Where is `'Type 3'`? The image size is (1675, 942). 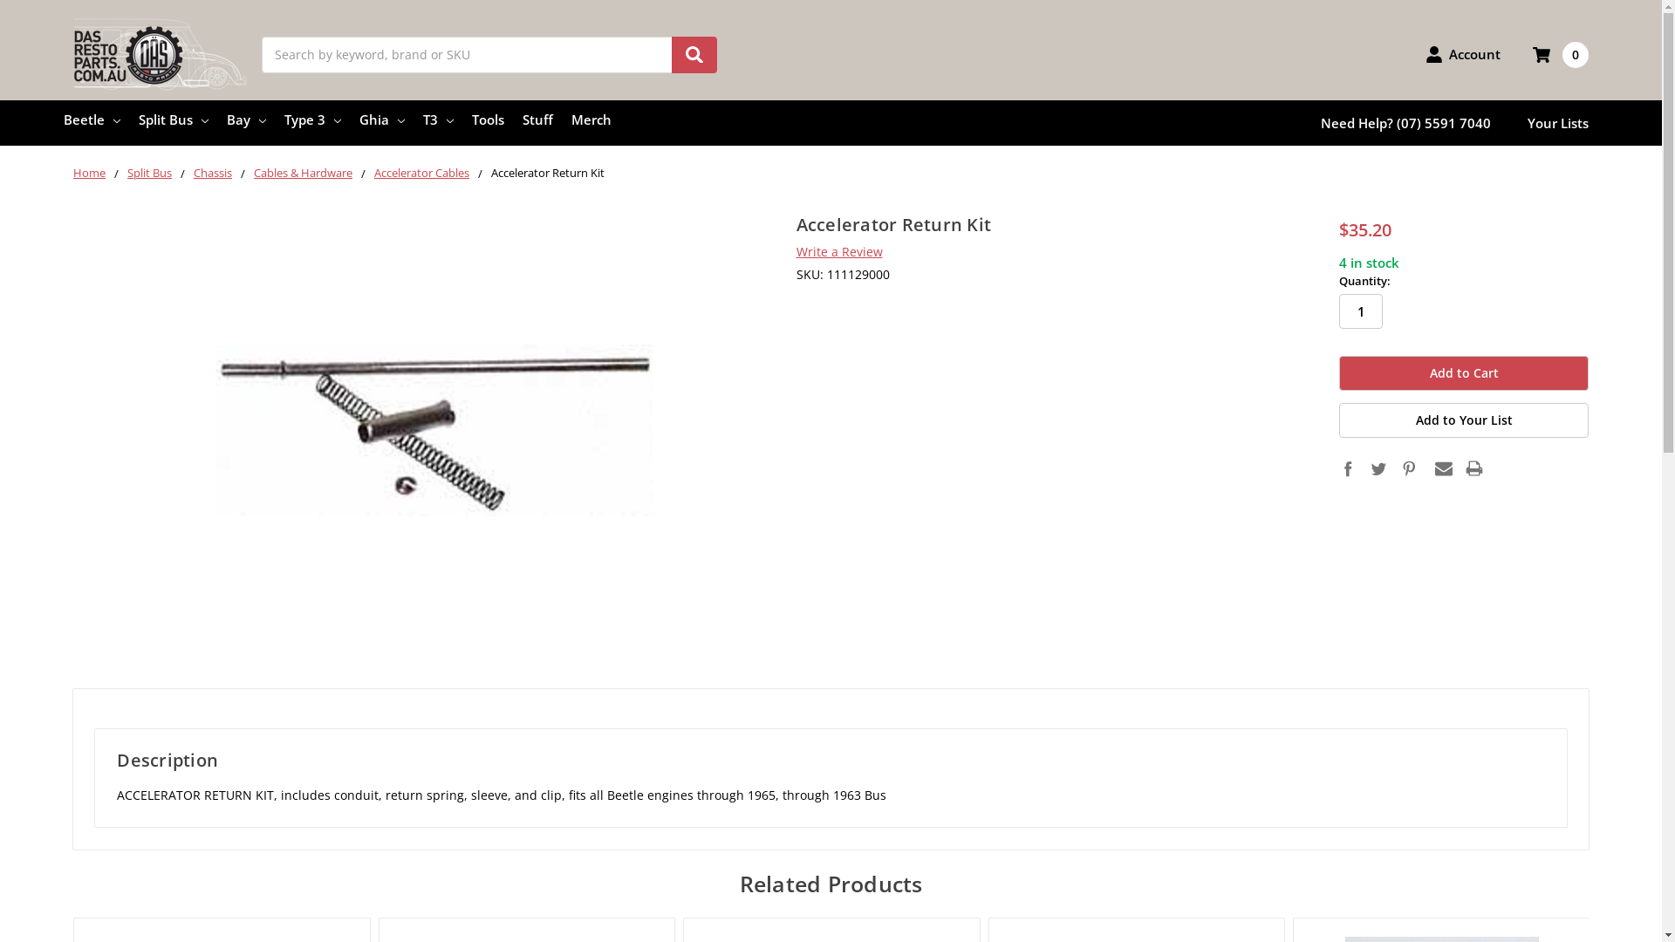 'Type 3' is located at coordinates (312, 119).